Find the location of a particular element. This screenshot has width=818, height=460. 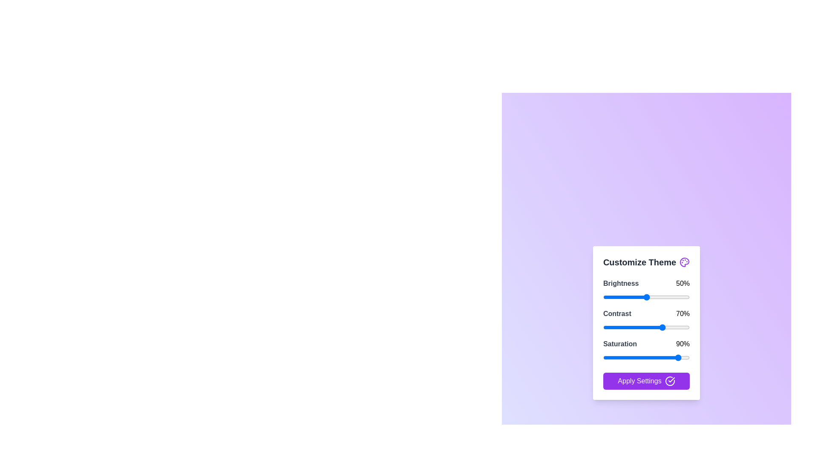

the brightness slider to set its value to 48% is located at coordinates (645, 296).